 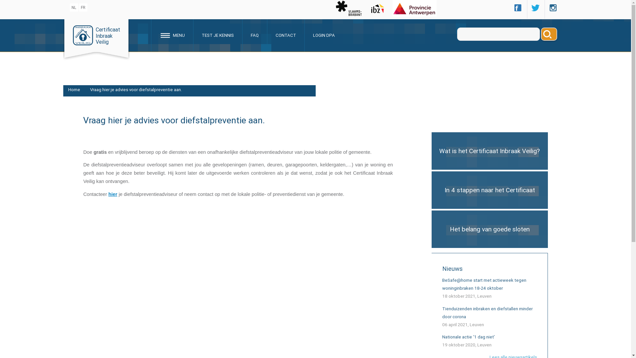 I want to click on 'Het belang van goede sloten', so click(x=490, y=229).